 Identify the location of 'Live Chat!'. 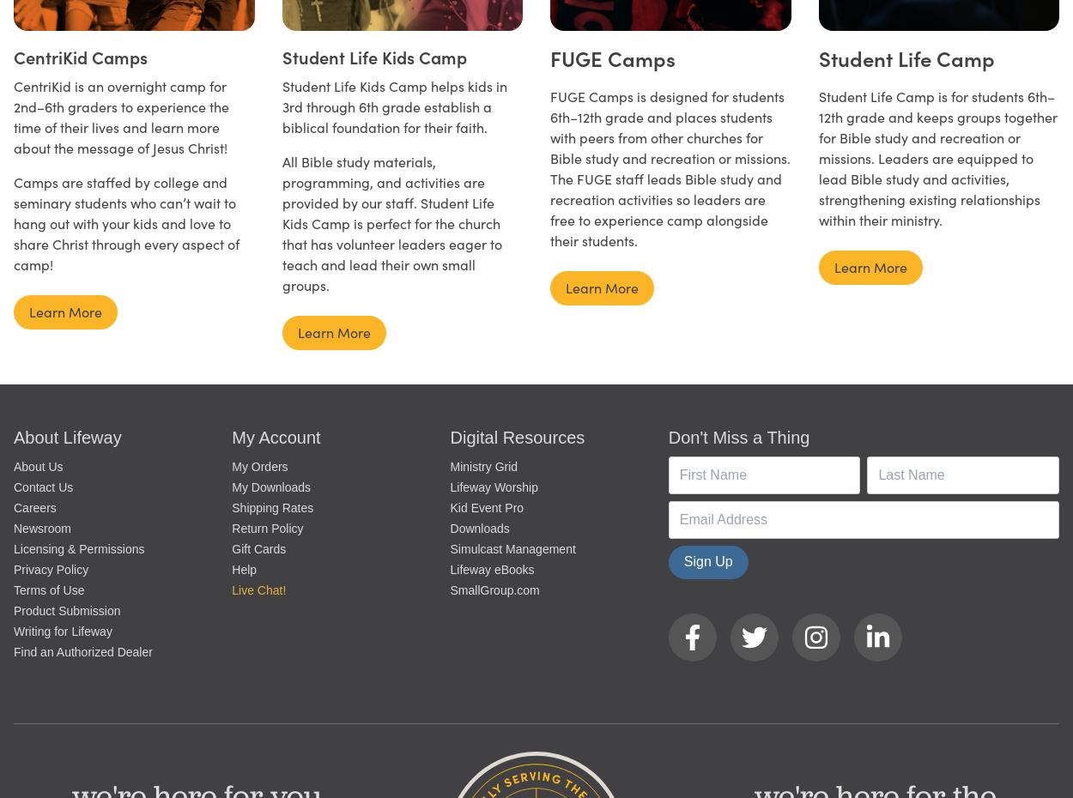
(232, 588).